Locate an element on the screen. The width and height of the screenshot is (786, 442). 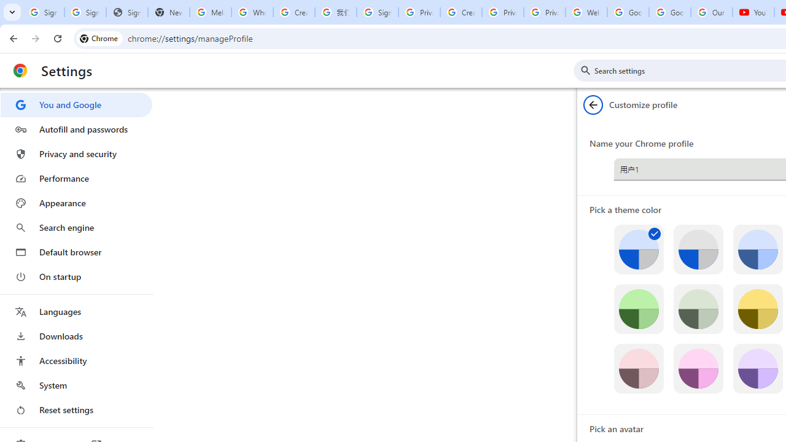
'Search engine' is located at coordinates (76, 228).